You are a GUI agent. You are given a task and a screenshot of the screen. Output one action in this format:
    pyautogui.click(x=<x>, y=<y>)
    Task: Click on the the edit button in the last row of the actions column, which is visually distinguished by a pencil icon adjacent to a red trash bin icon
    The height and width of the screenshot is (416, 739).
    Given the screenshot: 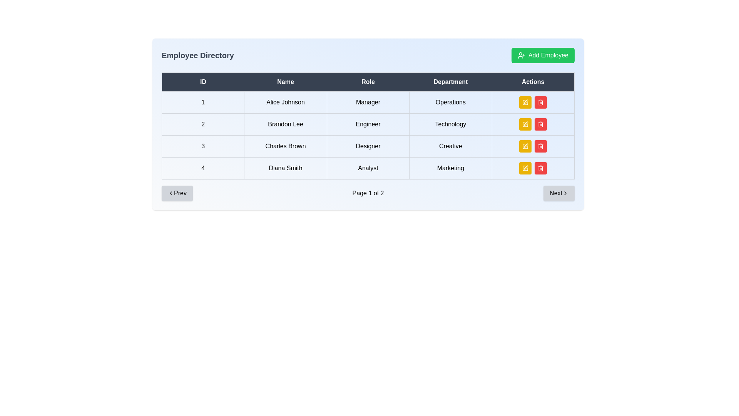 What is the action you would take?
    pyautogui.click(x=525, y=168)
    